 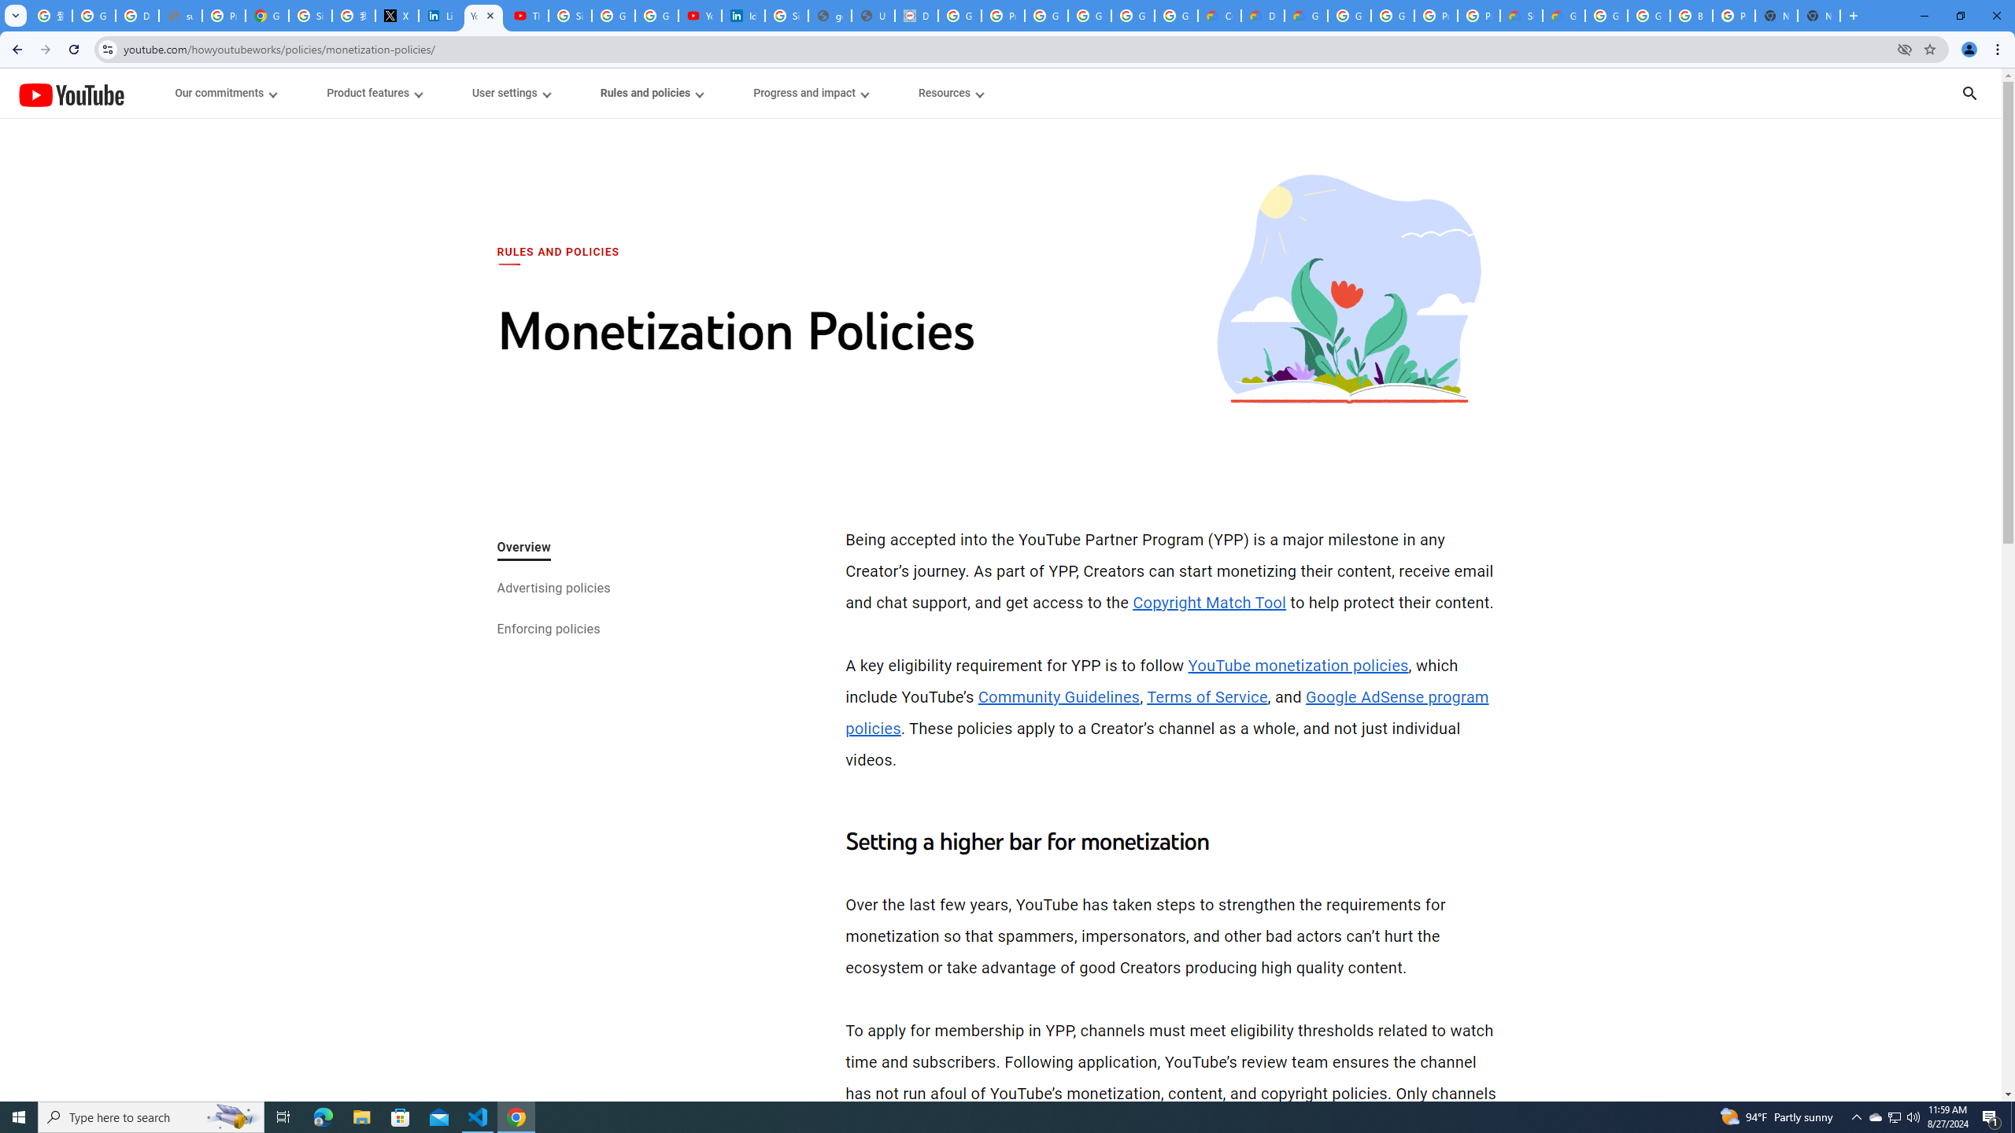 I want to click on 'Enforcing policies', so click(x=548, y=629).